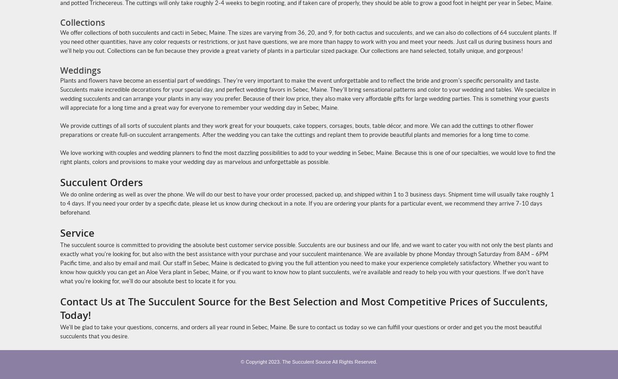 The height and width of the screenshot is (379, 618). I want to click on 'Collections', so click(82, 23).